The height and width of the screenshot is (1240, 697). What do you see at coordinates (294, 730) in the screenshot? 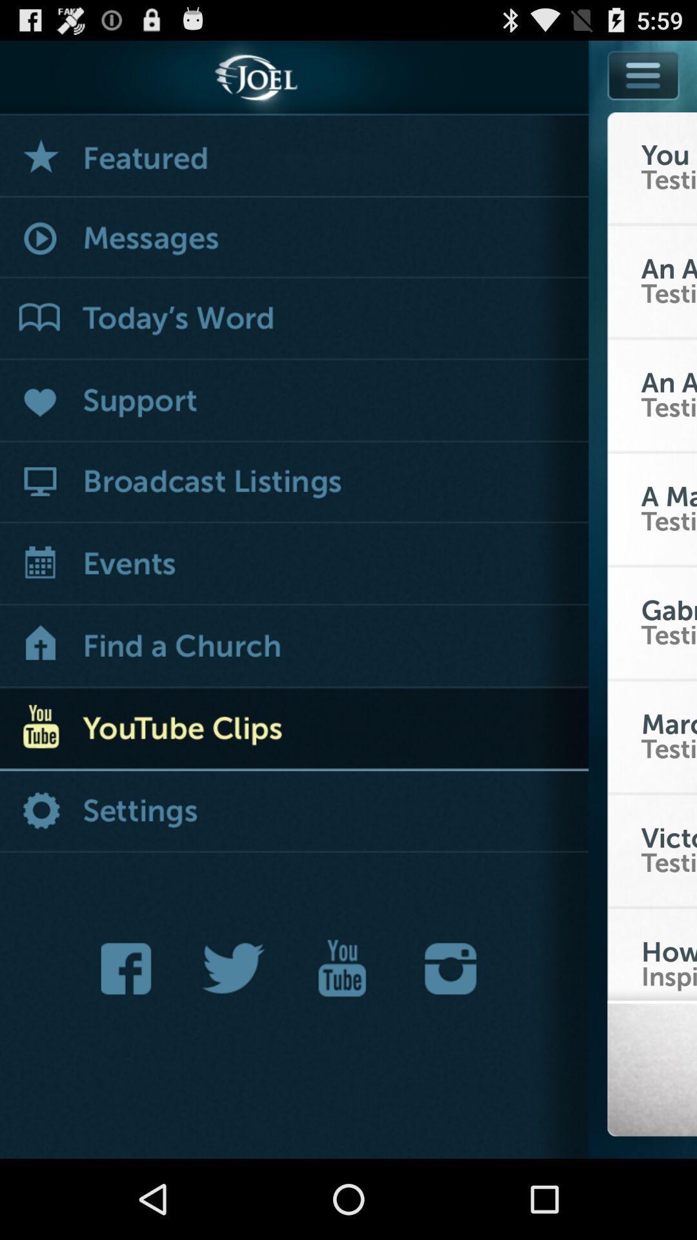
I see `youtube clips` at bounding box center [294, 730].